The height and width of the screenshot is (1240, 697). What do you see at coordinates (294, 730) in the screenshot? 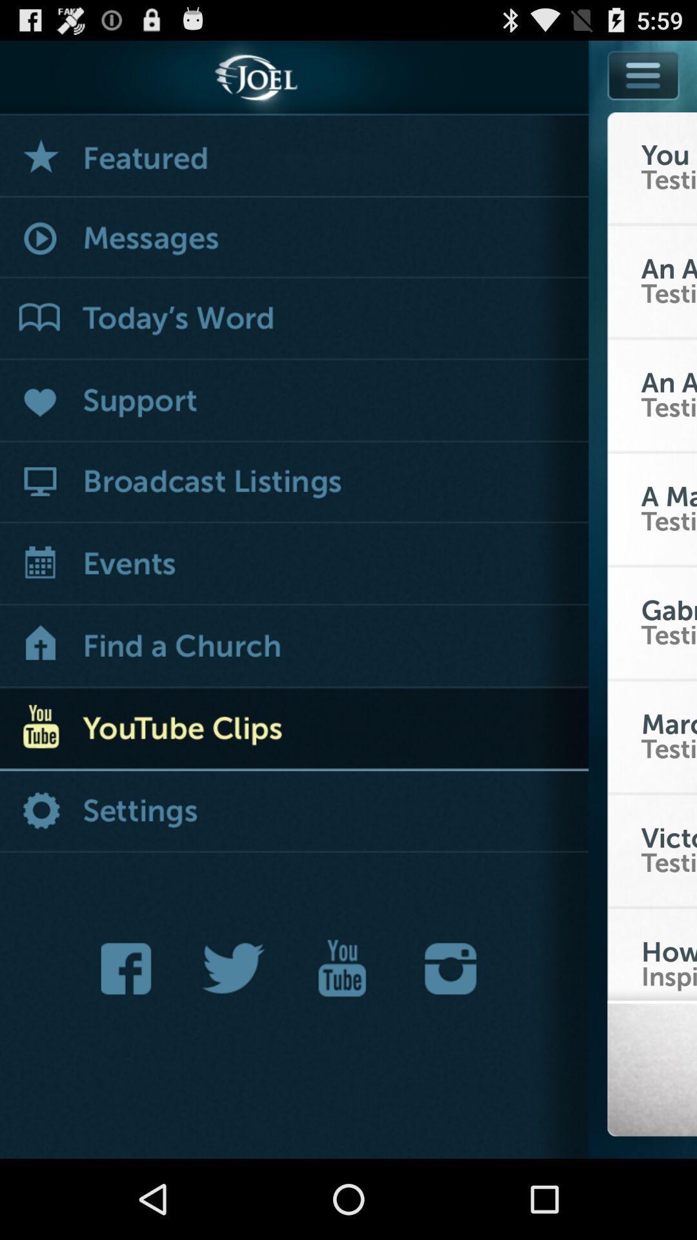
I see `youtube clips` at bounding box center [294, 730].